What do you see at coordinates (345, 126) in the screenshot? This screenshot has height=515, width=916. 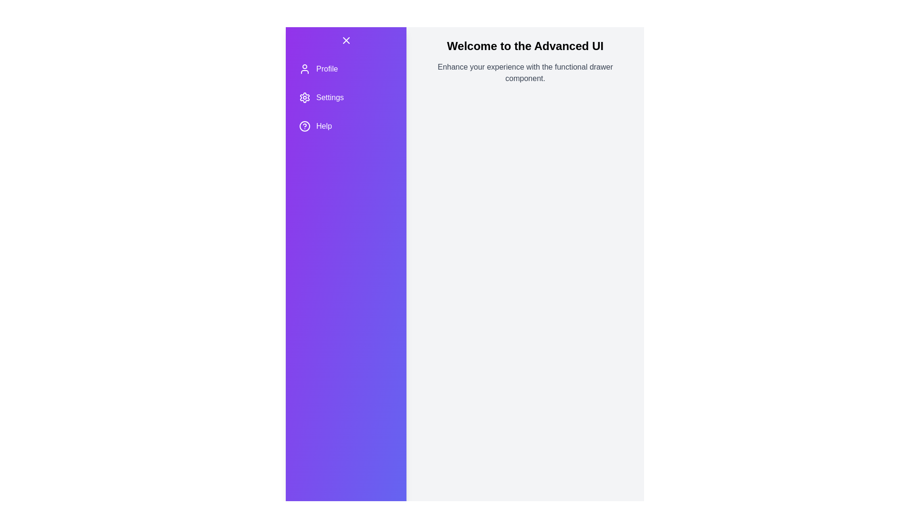 I see `the menu item Help by clicking on it` at bounding box center [345, 126].